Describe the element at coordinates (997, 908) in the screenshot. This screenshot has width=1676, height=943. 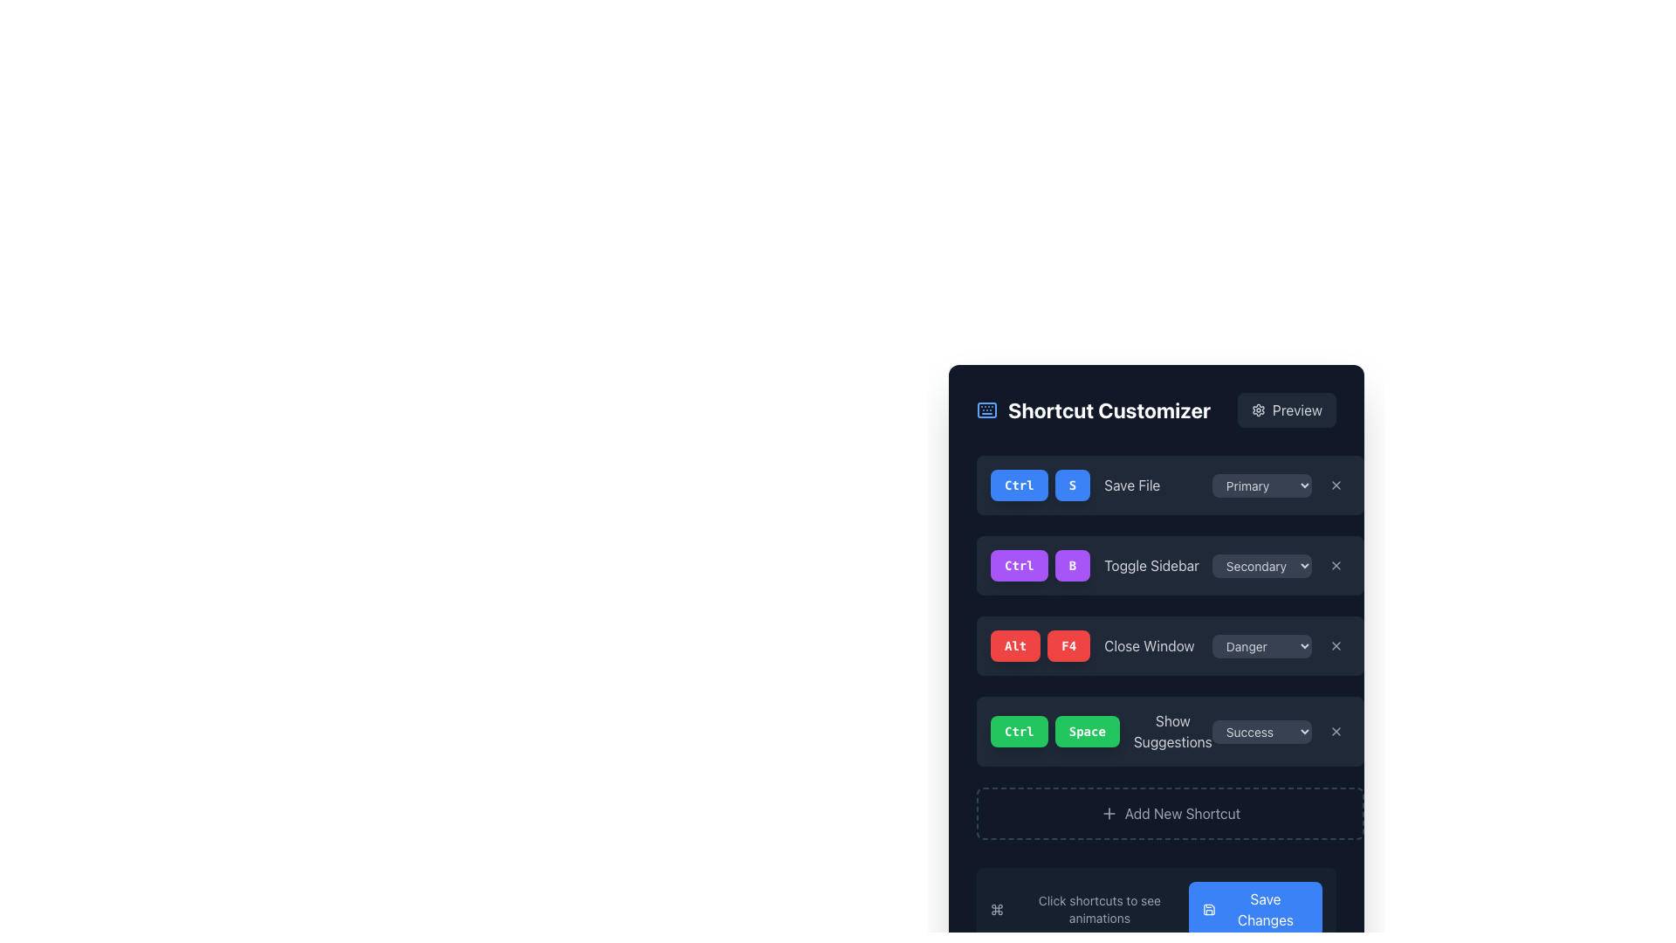
I see `the decorative command icon located in the bottom left corner of the 'Shortcut Customizer' panel` at that location.